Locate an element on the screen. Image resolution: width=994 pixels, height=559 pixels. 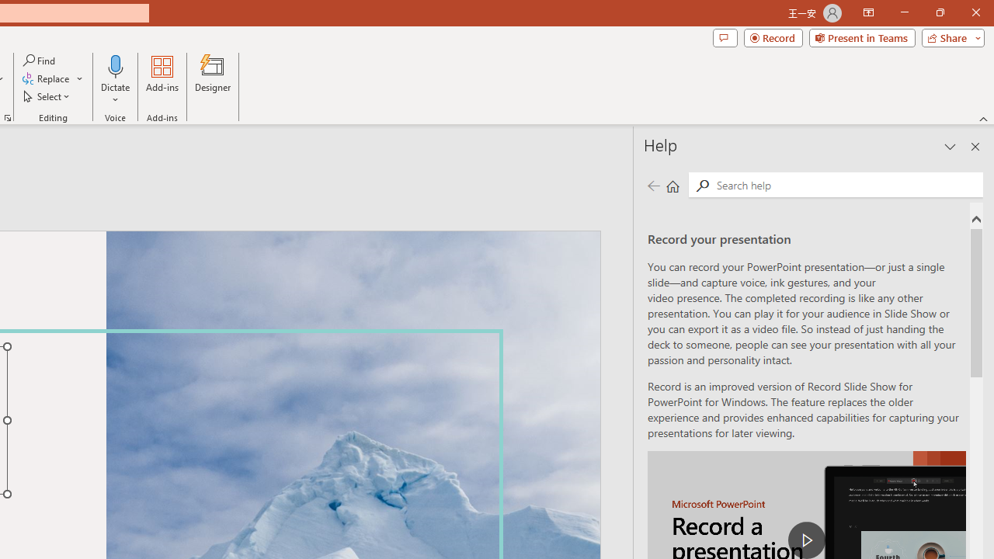
'Record' is located at coordinates (773, 36).